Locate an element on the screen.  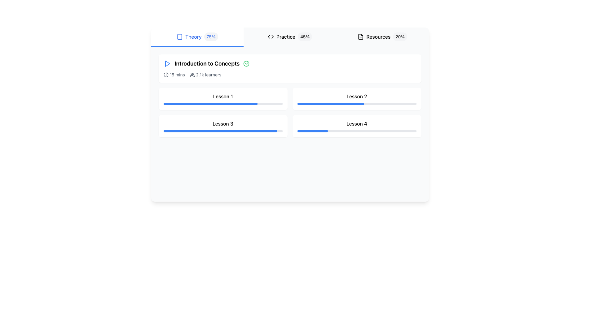
the 'Resources' tab with document icon and '20%' badge is located at coordinates (382, 37).